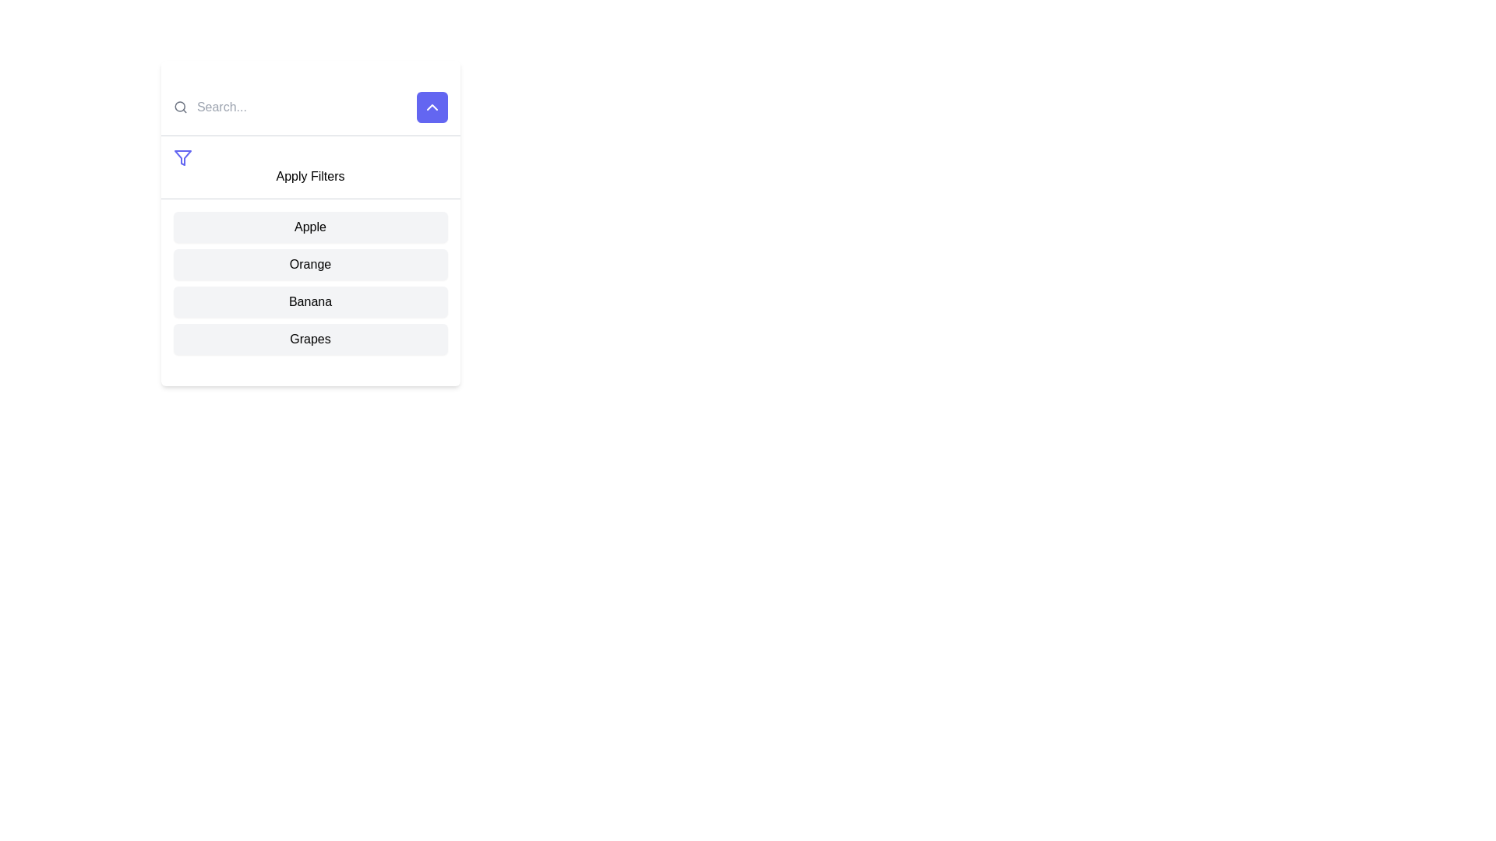  I want to click on the label or heading with an accompanying icon located in the main content area of the panel, directly beneath the search bar and above the fruit buttons, so click(310, 167).